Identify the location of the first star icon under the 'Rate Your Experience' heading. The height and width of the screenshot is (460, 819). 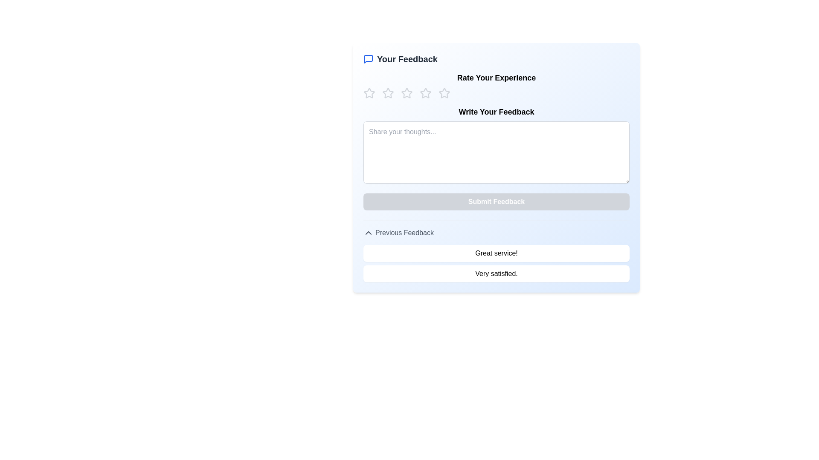
(369, 93).